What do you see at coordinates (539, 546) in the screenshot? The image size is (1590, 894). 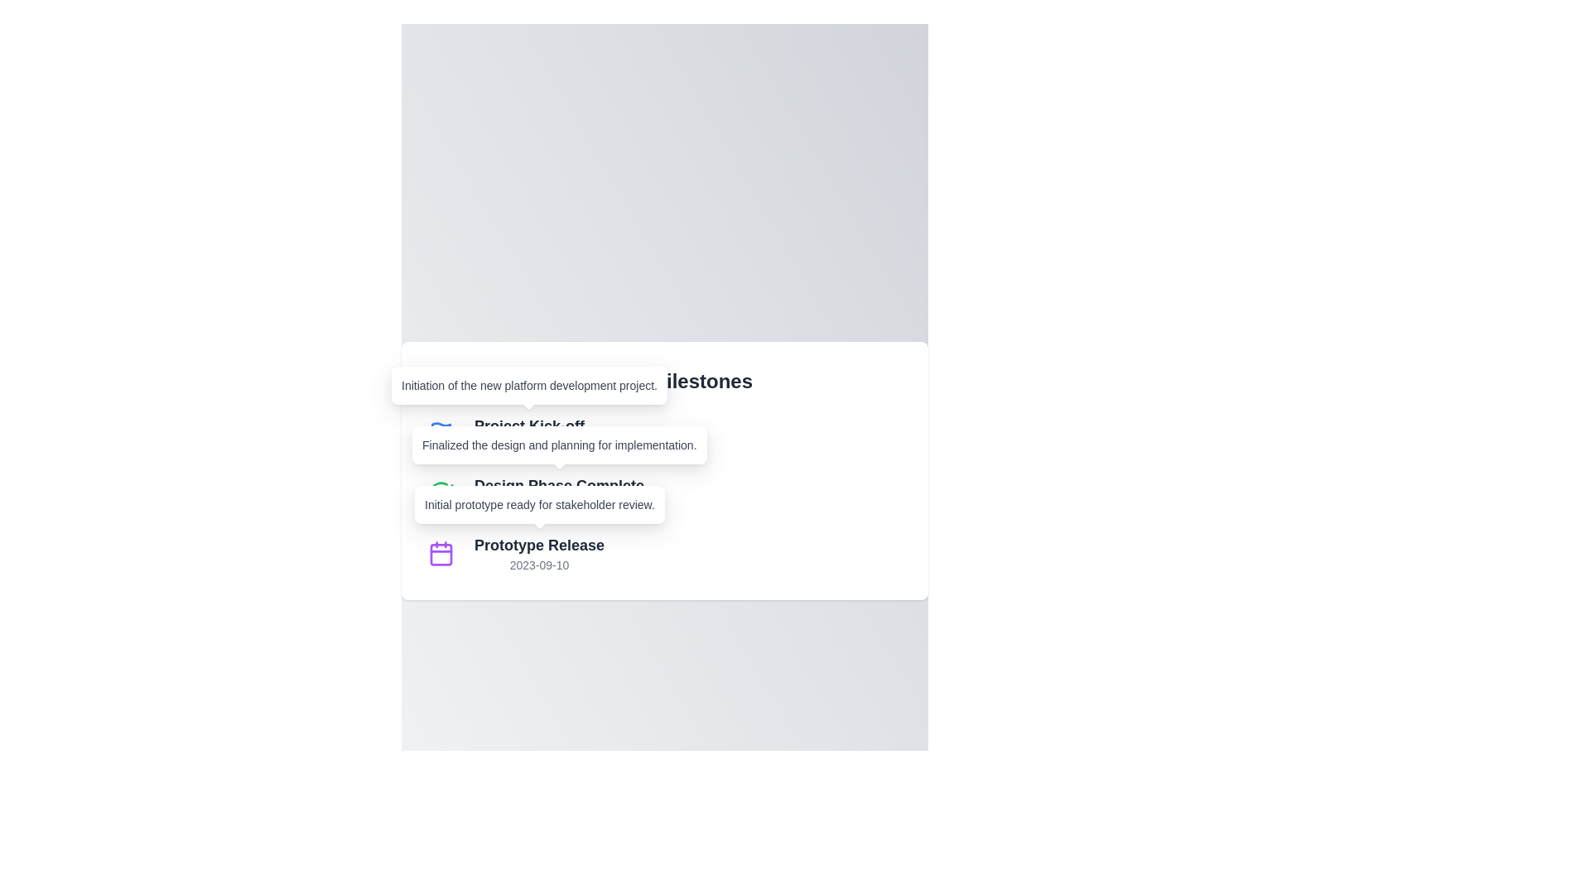 I see `the text label element displaying 'Prototype Release', which is styled in bold and larger font, located above the date '2023-09-10' and next to a calendar icon` at bounding box center [539, 546].